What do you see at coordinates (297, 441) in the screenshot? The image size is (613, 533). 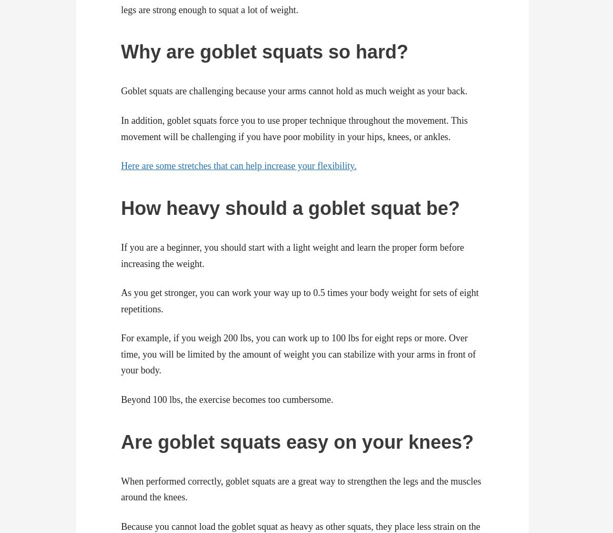 I see `'Are goblet squats easy on your knees?'` at bounding box center [297, 441].